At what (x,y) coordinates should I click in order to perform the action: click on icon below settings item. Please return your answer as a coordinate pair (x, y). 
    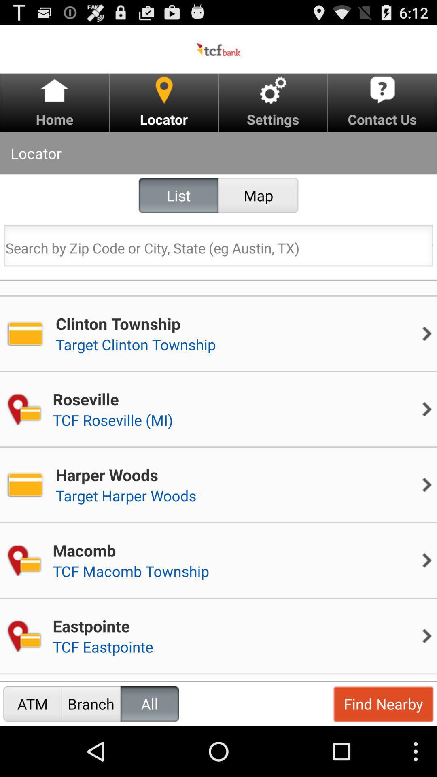
    Looking at the image, I should click on (258, 195).